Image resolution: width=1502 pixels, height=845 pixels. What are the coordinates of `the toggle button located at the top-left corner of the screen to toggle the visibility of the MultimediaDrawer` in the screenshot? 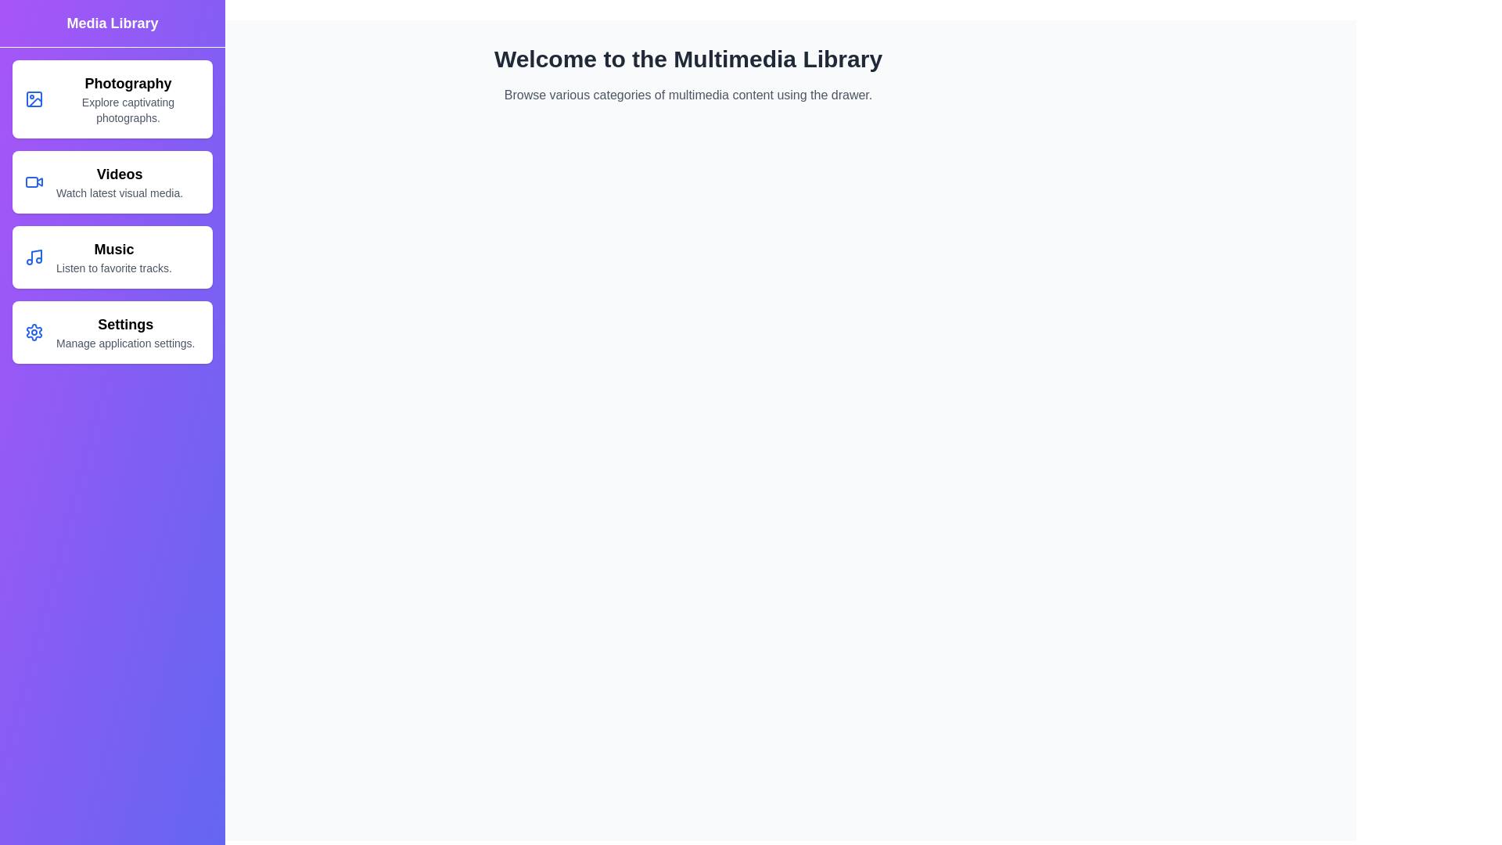 It's located at (33, 33).